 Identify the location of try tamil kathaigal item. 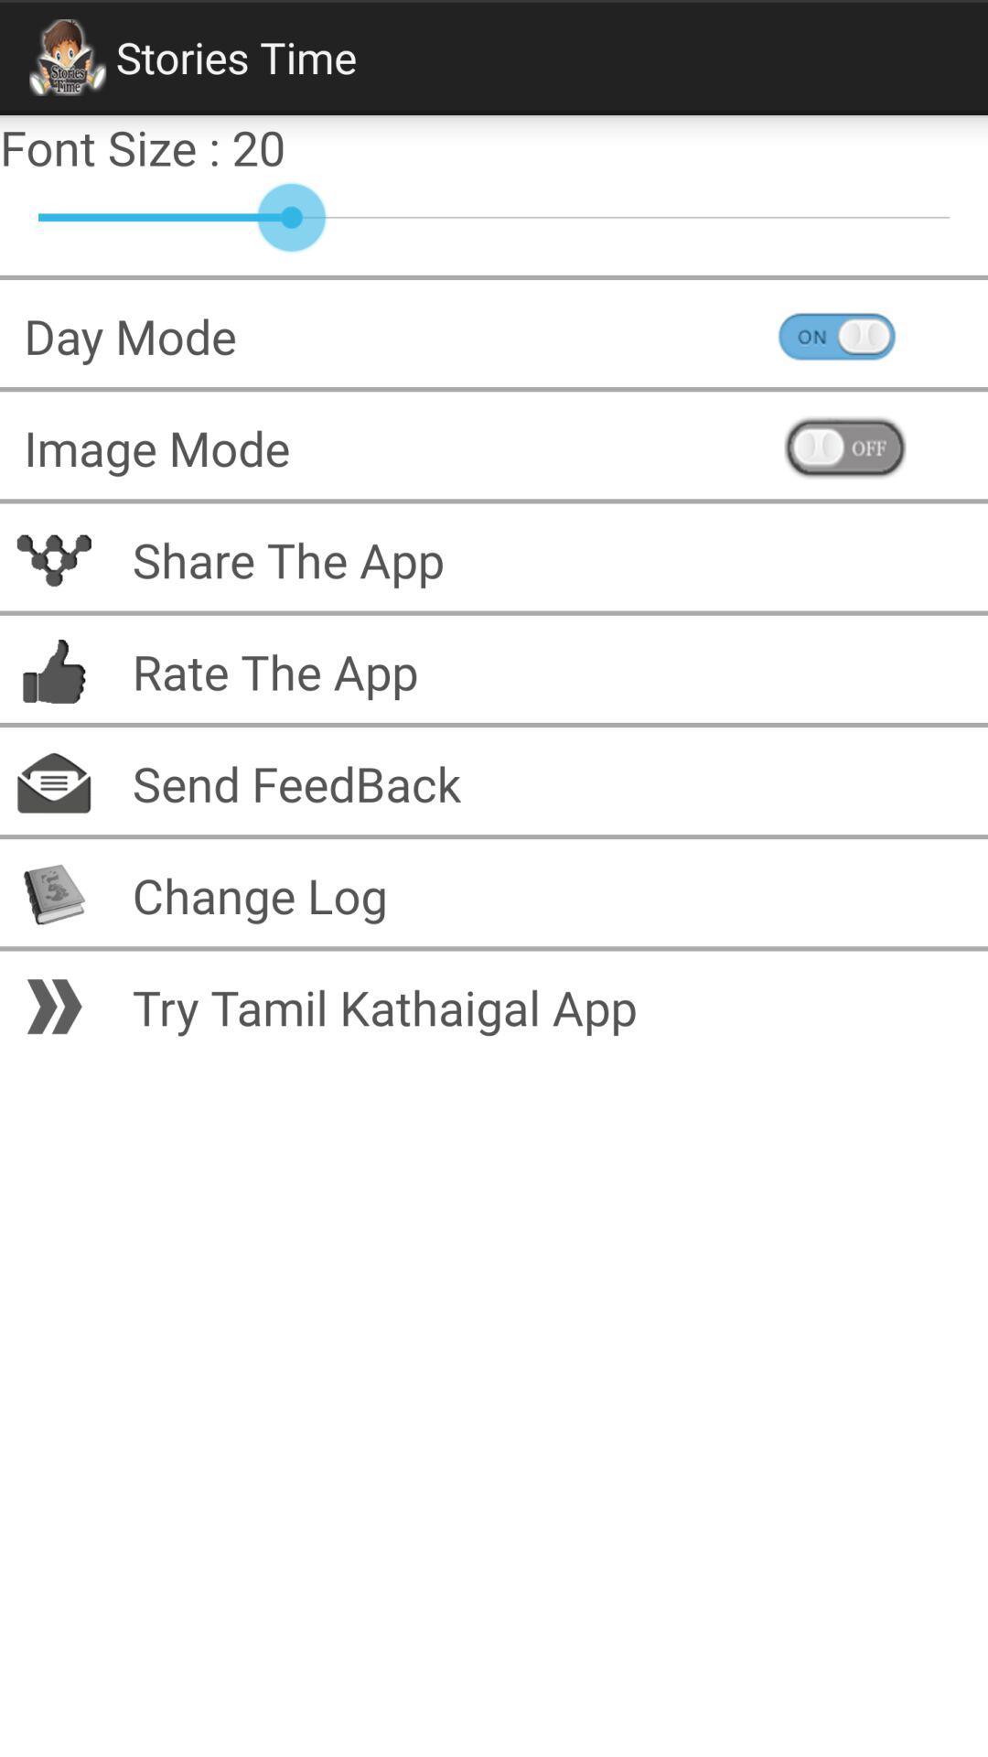
(547, 1006).